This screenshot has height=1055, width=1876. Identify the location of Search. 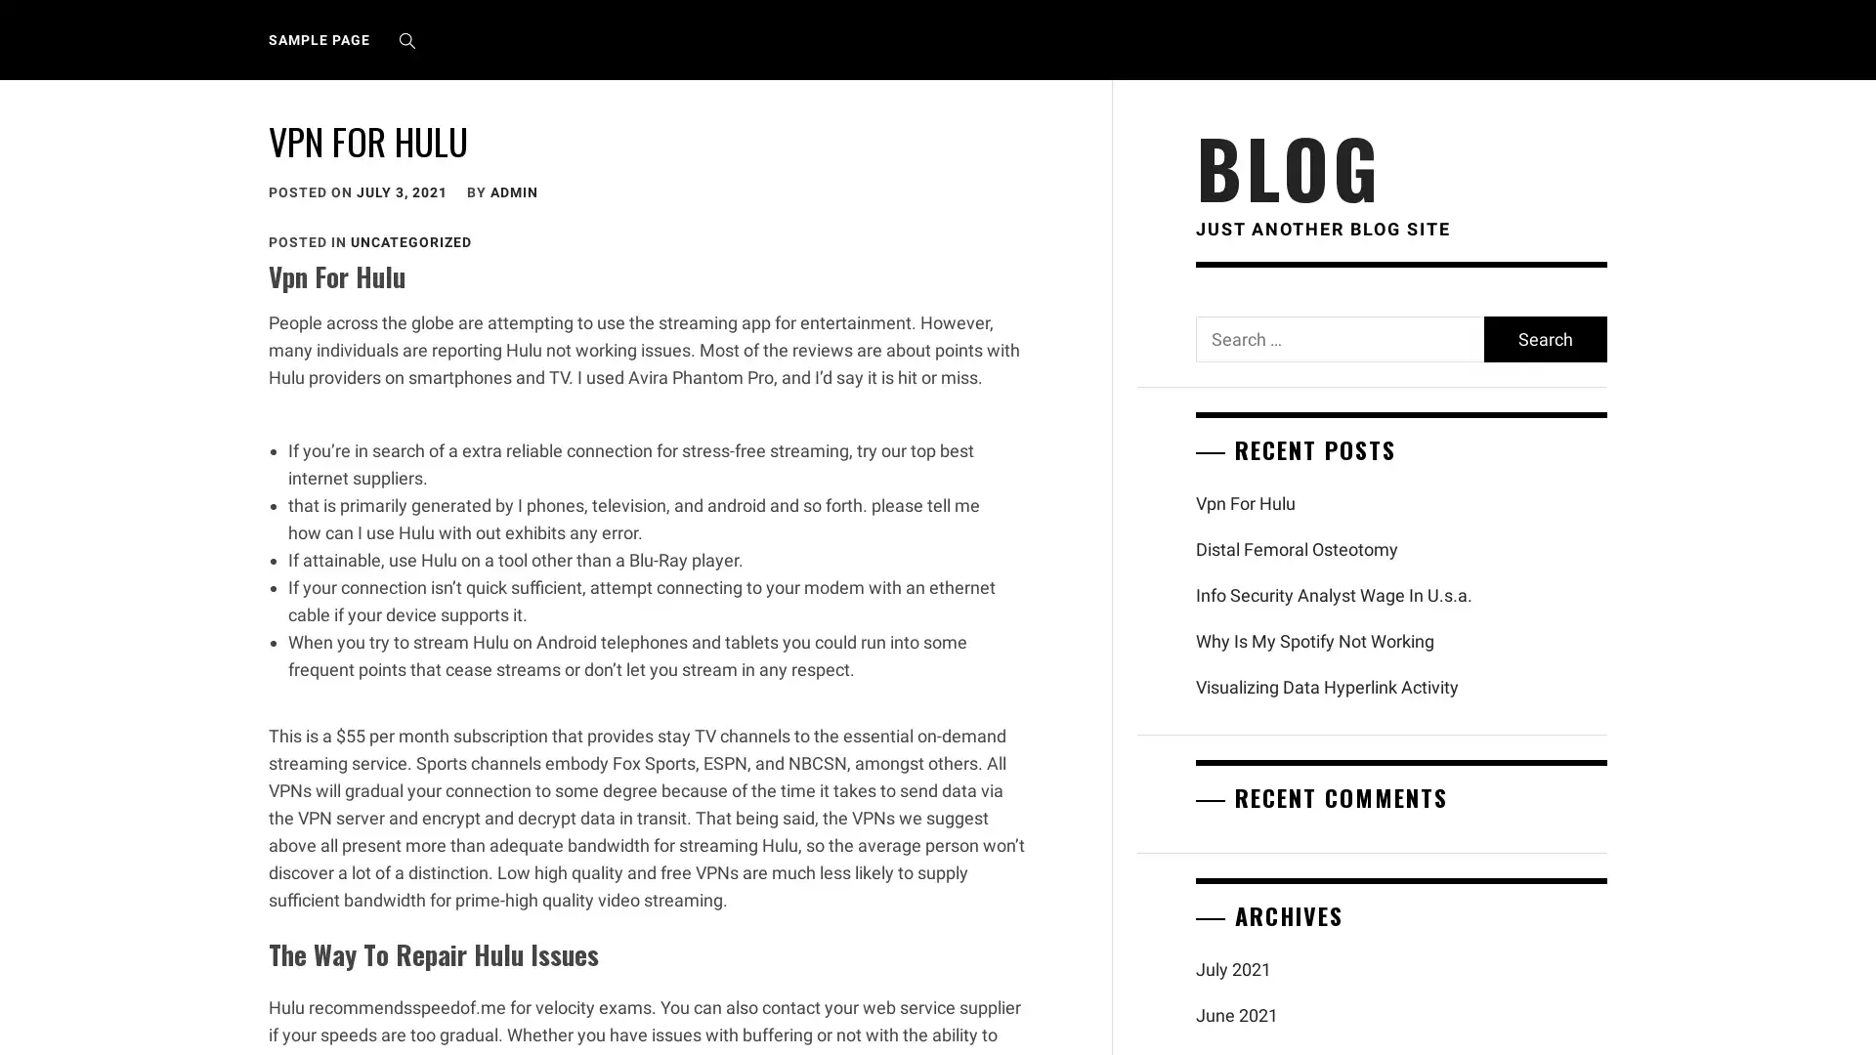
(1543, 338).